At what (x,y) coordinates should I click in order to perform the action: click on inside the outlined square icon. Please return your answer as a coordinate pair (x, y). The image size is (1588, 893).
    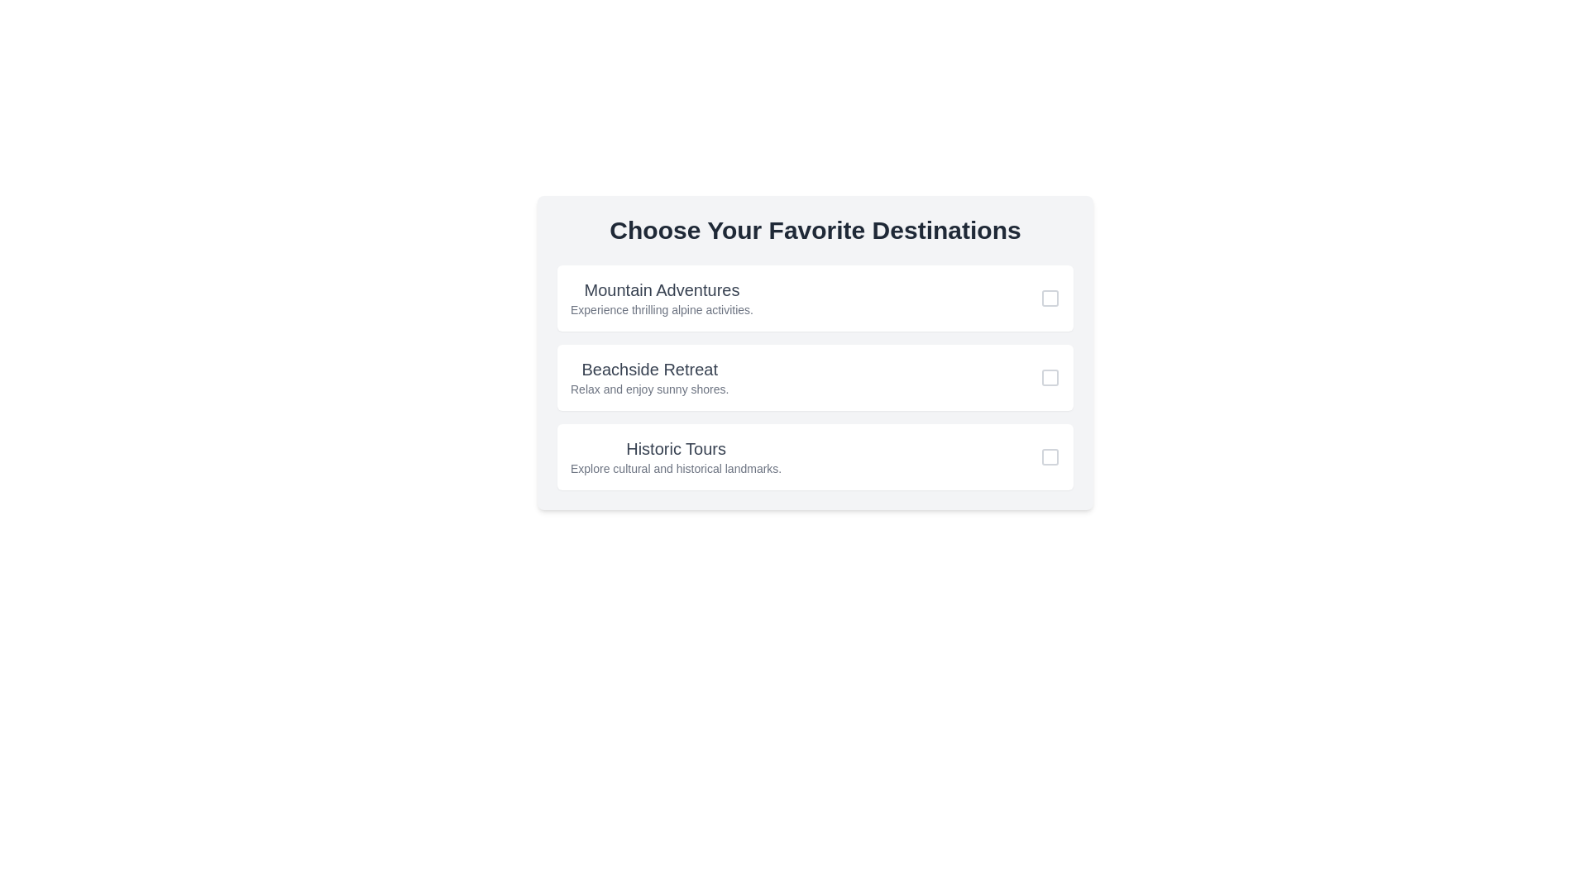
    Looking at the image, I should click on (1050, 377).